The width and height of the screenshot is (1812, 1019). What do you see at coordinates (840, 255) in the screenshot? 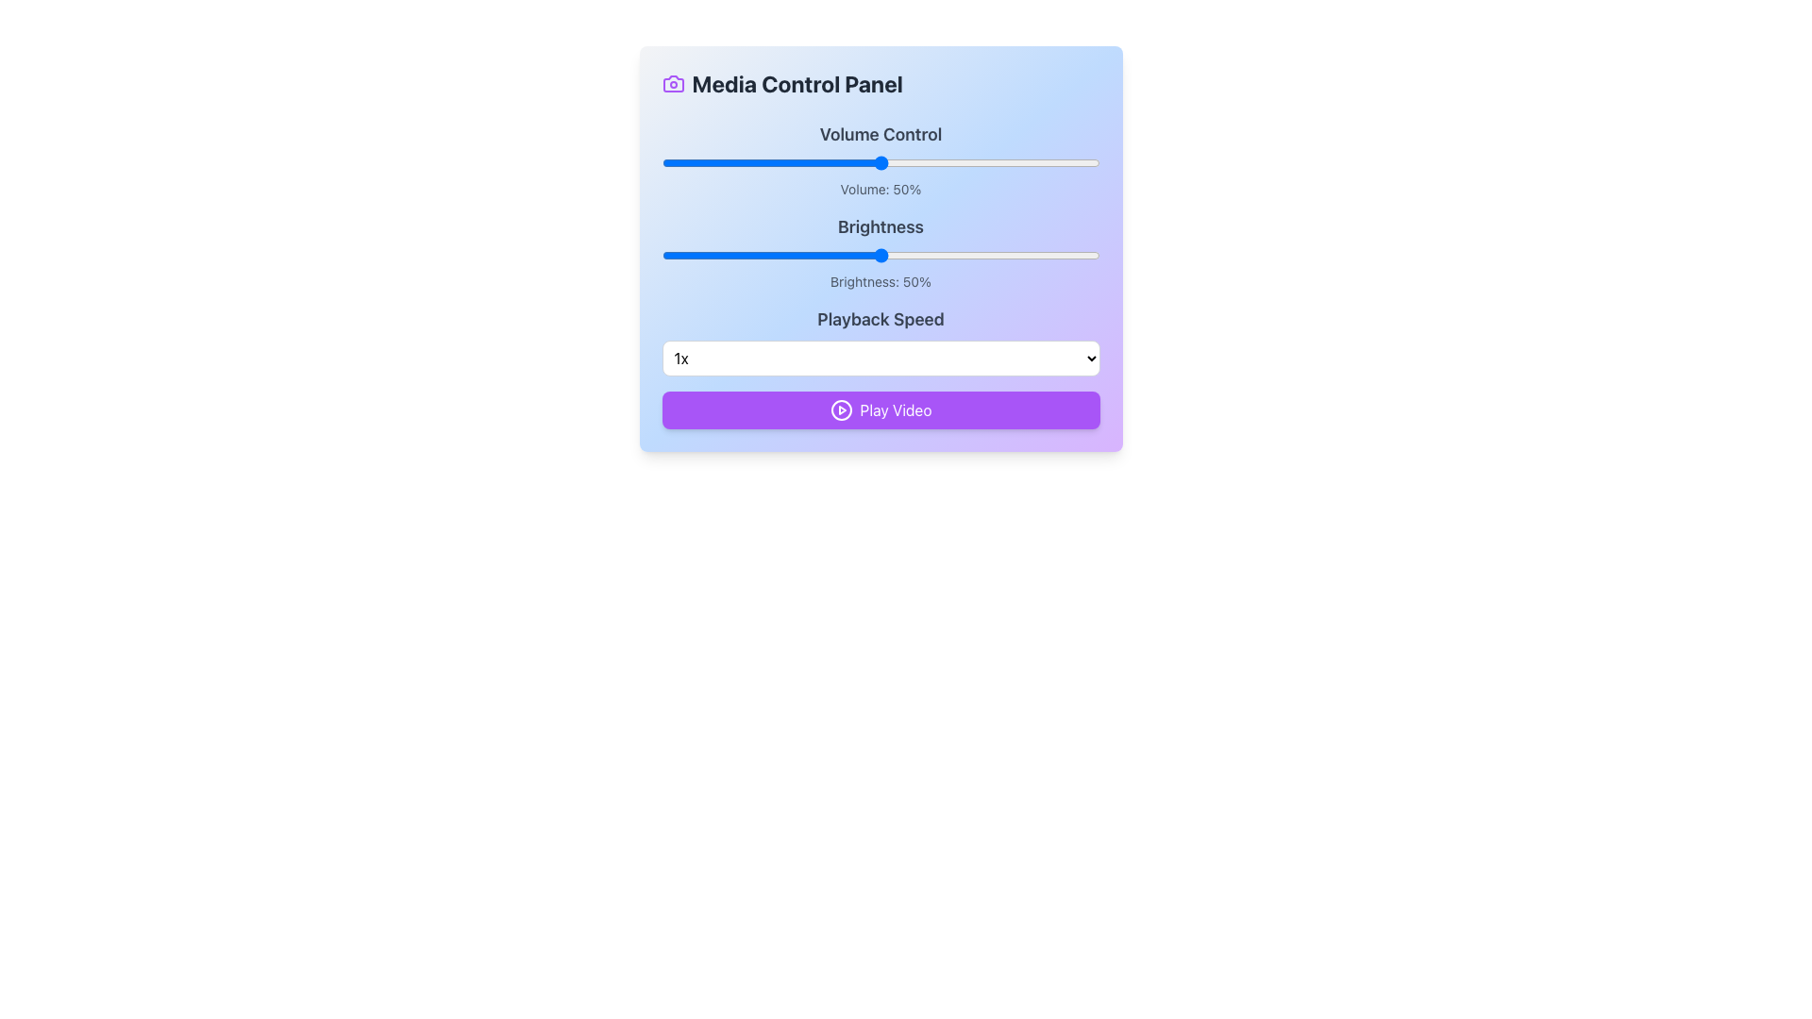
I see `the brightness level` at bounding box center [840, 255].